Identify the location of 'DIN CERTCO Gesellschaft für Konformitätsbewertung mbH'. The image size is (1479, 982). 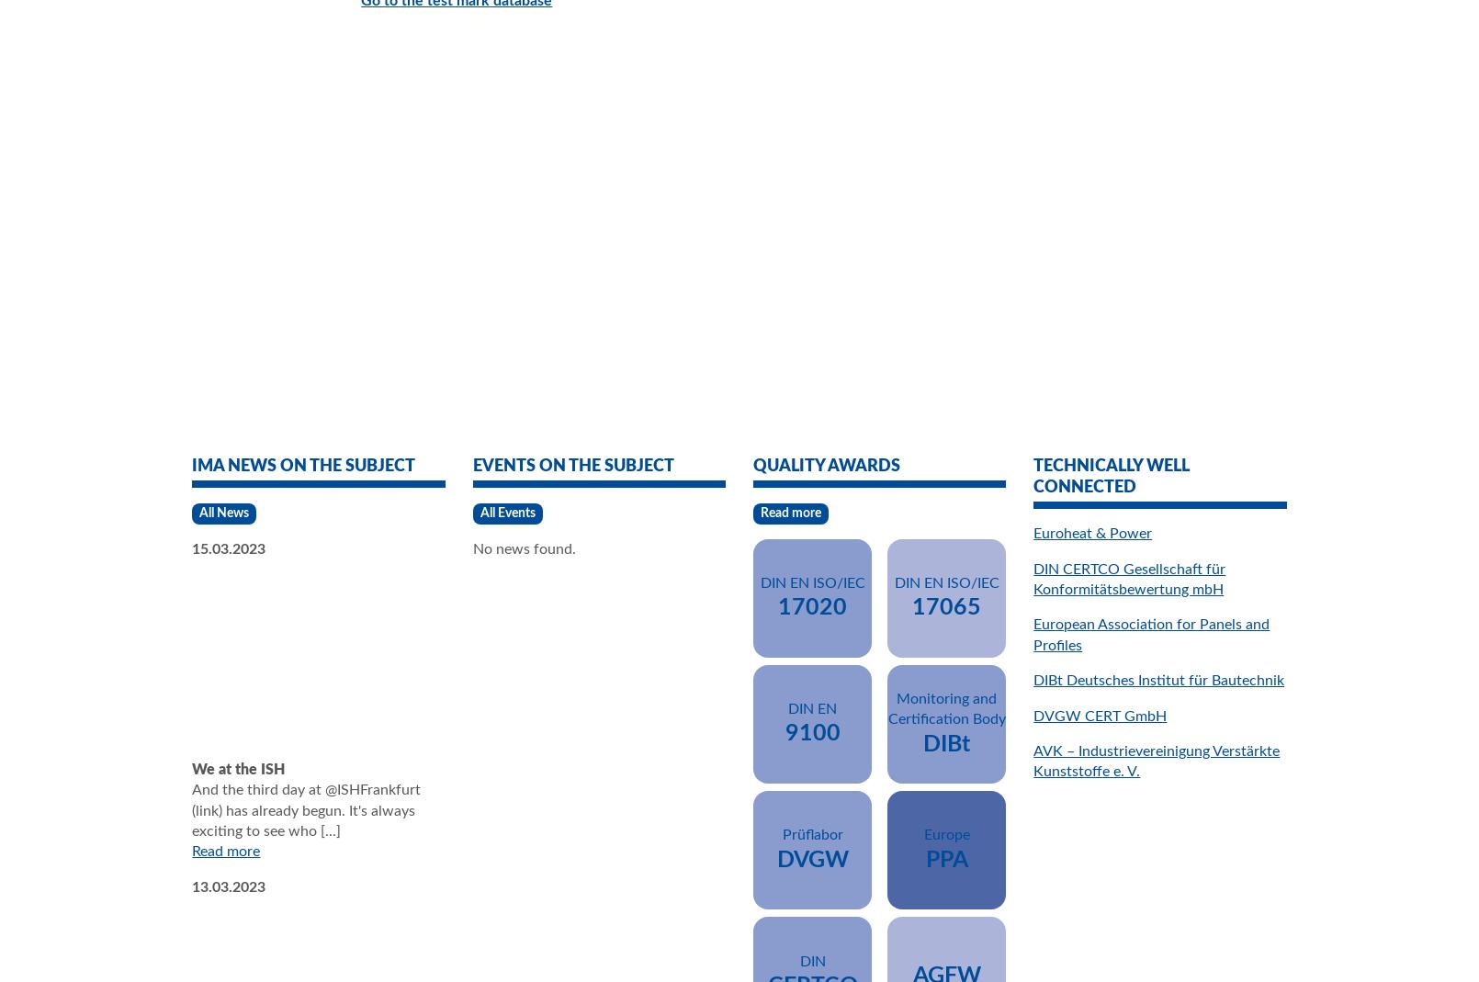
(1033, 579).